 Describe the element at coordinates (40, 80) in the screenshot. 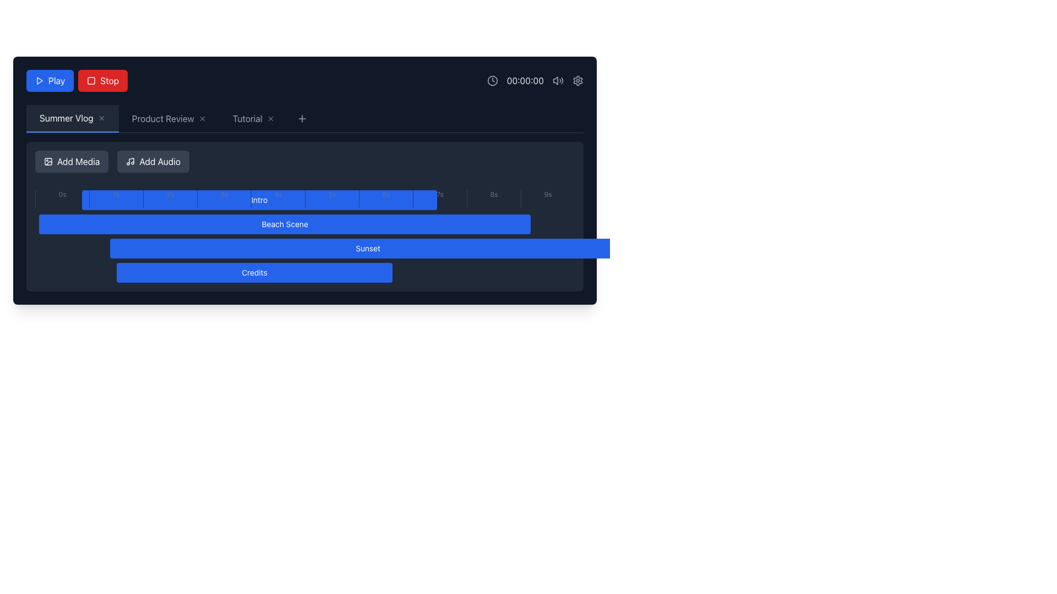

I see `the triangular play icon with a blue fill located in the top-left section of the interface` at that location.